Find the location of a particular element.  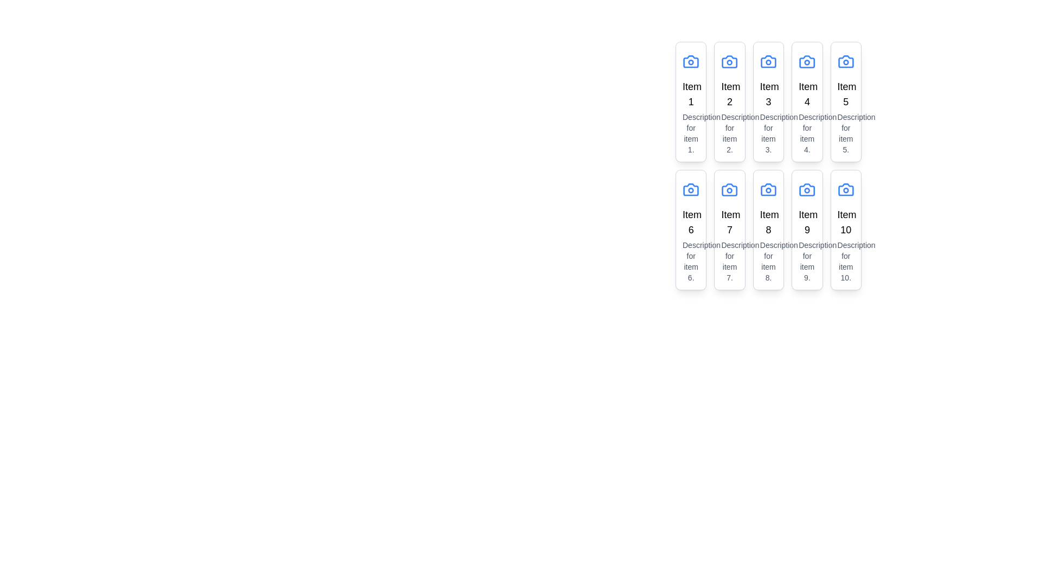

the descriptive Text Label located beneath the header text 'Item 4' in the fourth item card of the grid layout is located at coordinates (807, 133).